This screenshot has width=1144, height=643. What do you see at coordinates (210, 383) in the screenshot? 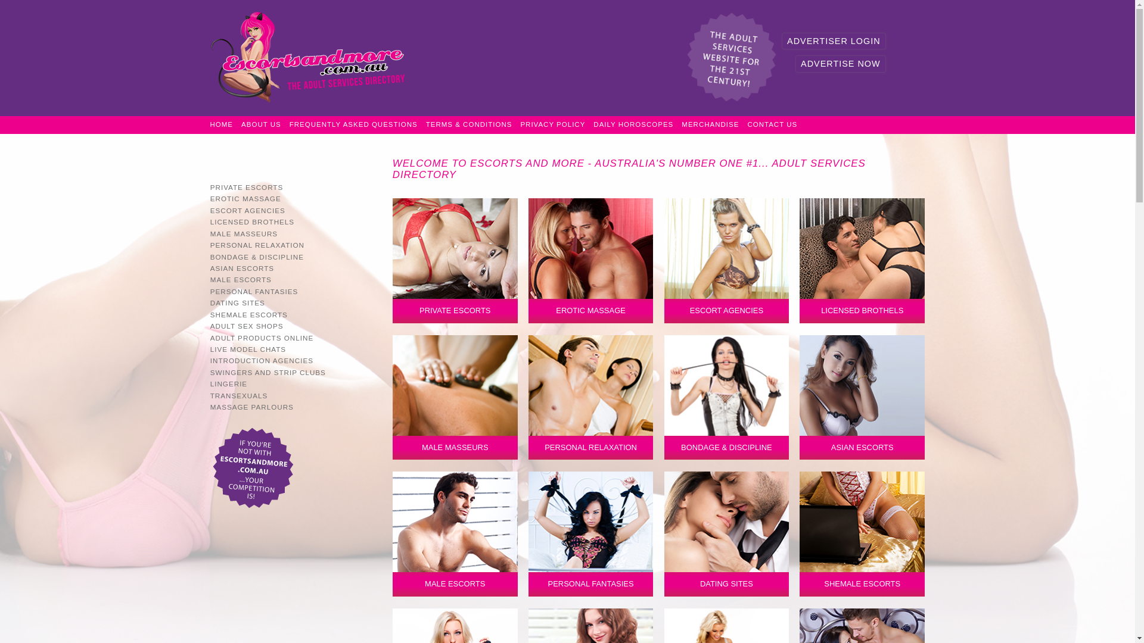
I see `'LINGERIE'` at bounding box center [210, 383].